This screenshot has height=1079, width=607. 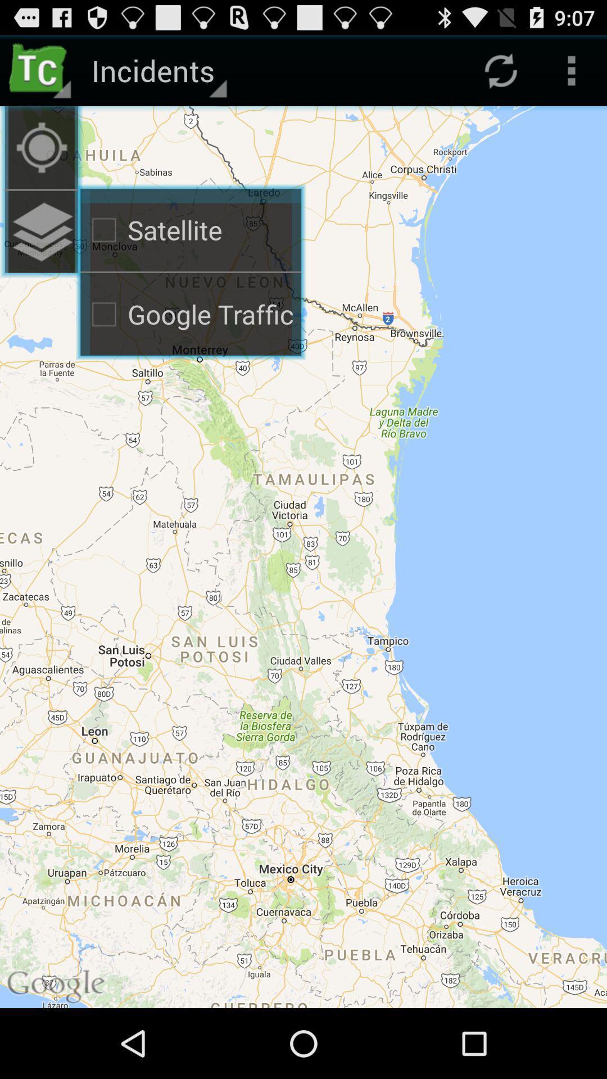 What do you see at coordinates (157, 70) in the screenshot?
I see `incidents app` at bounding box center [157, 70].